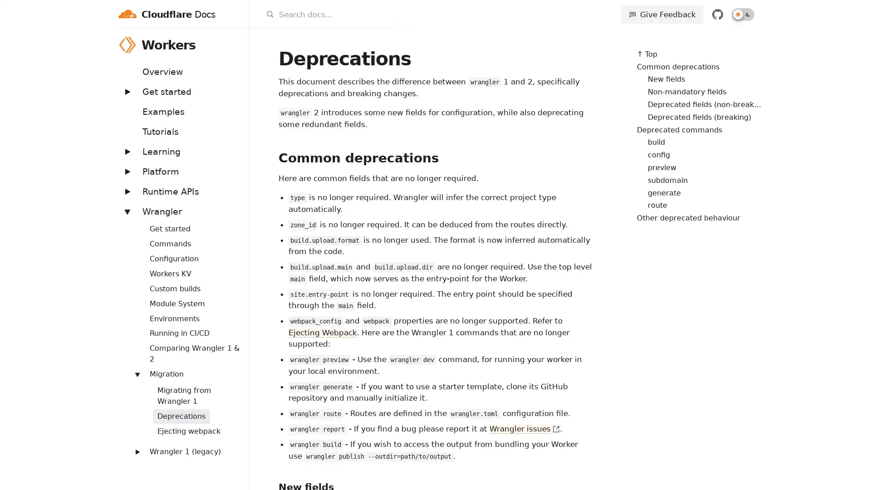  What do you see at coordinates (132, 413) in the screenshot?
I see `Expand: Workers Sites` at bounding box center [132, 413].